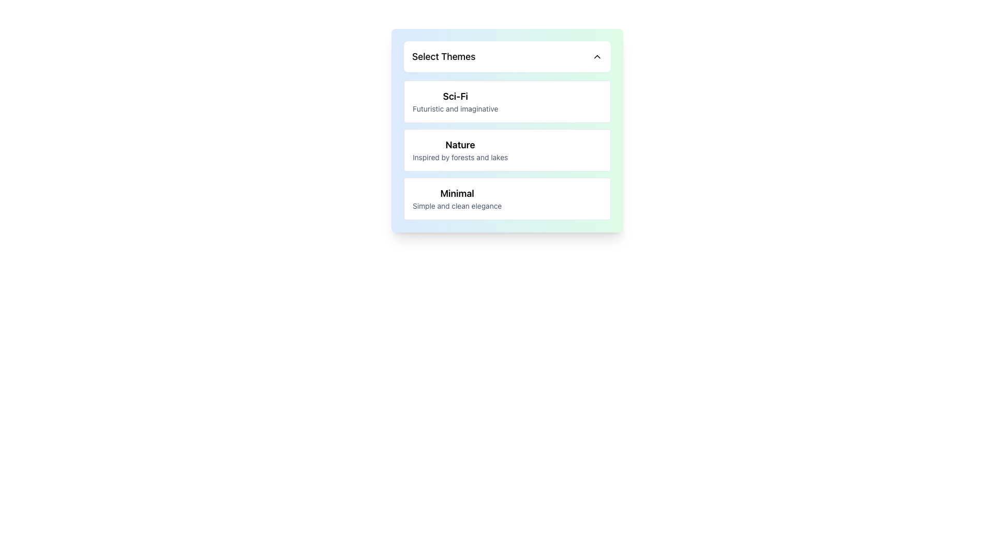 The image size is (993, 558). I want to click on the text label element that contains the description 'Inspired by forests and lakes', positioned beneath the bold title 'Nature' in a dropdown menu, so click(460, 157).